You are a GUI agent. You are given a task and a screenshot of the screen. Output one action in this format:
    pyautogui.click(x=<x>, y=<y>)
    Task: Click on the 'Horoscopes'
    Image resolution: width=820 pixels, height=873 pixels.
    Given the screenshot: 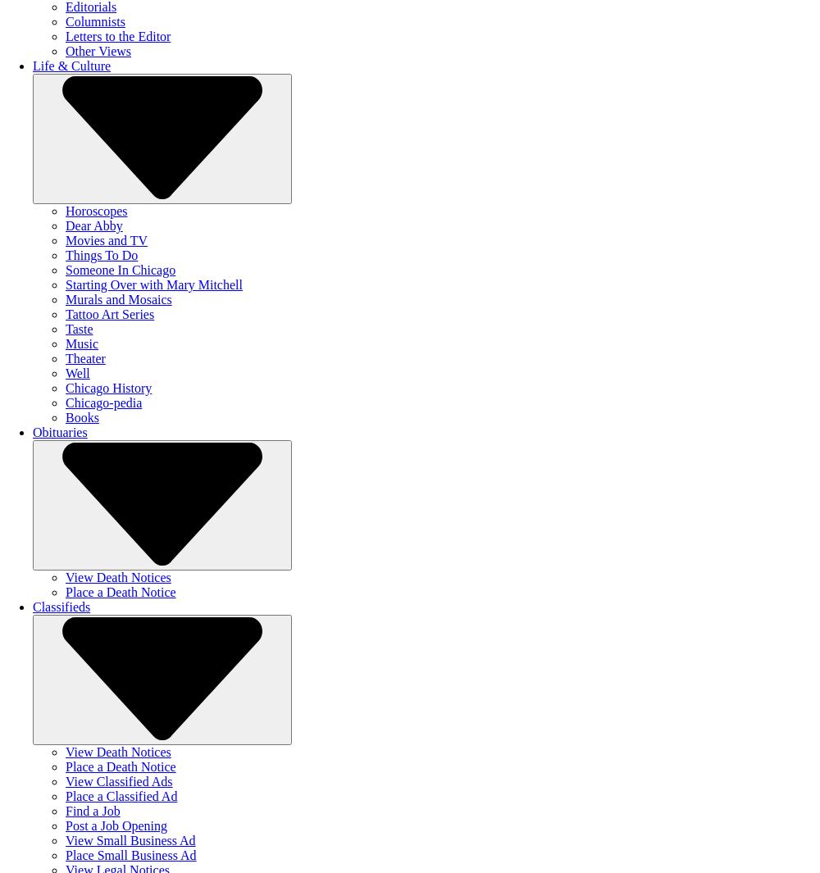 What is the action you would take?
    pyautogui.click(x=95, y=210)
    